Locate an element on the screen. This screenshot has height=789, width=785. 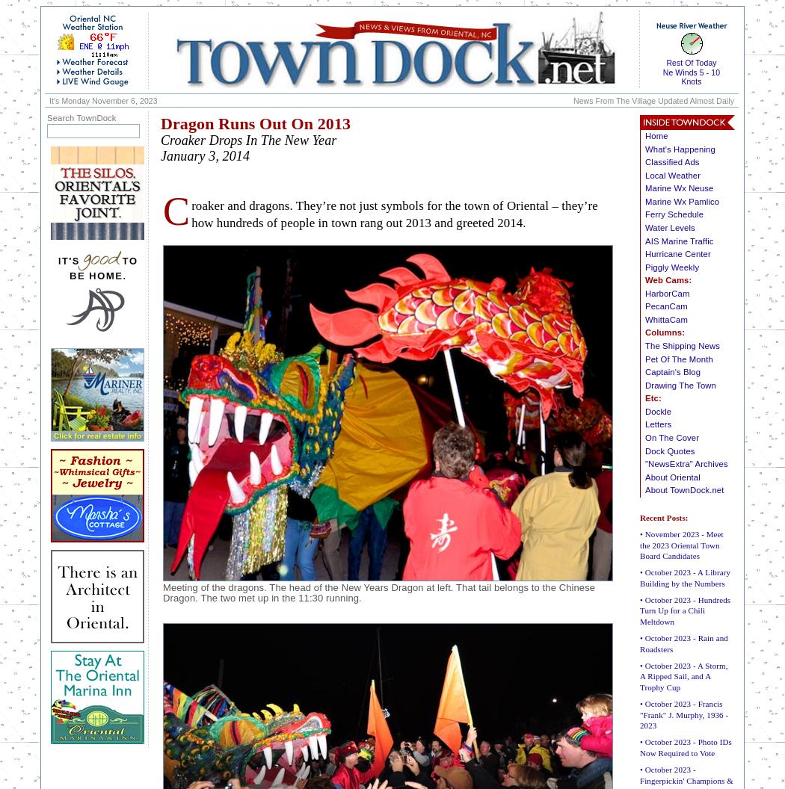
'Marine Wx Pamlico' is located at coordinates (644, 200).